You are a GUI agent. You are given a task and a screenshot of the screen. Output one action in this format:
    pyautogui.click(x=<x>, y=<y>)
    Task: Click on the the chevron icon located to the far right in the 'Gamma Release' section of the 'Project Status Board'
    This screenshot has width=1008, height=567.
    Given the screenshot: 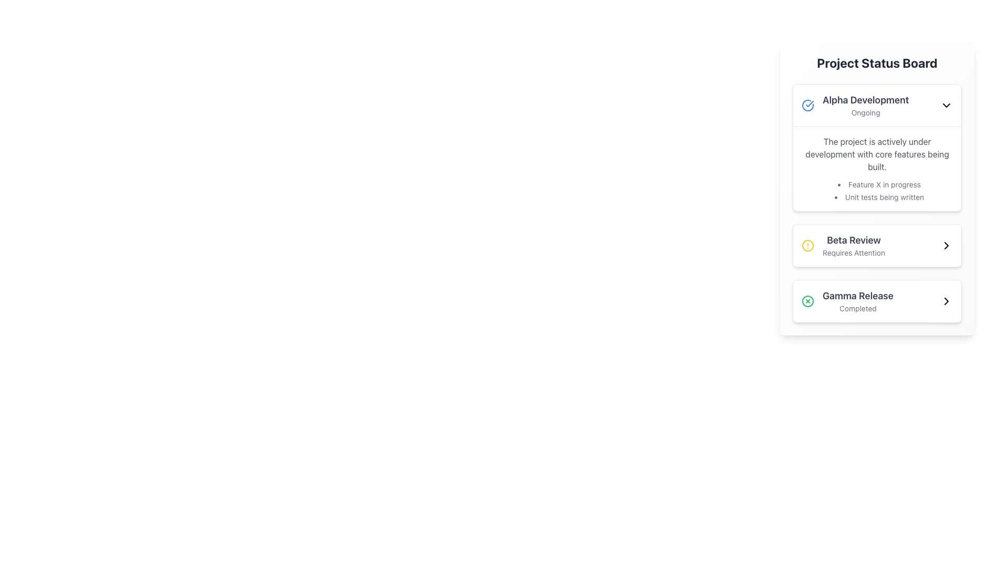 What is the action you would take?
    pyautogui.click(x=947, y=301)
    